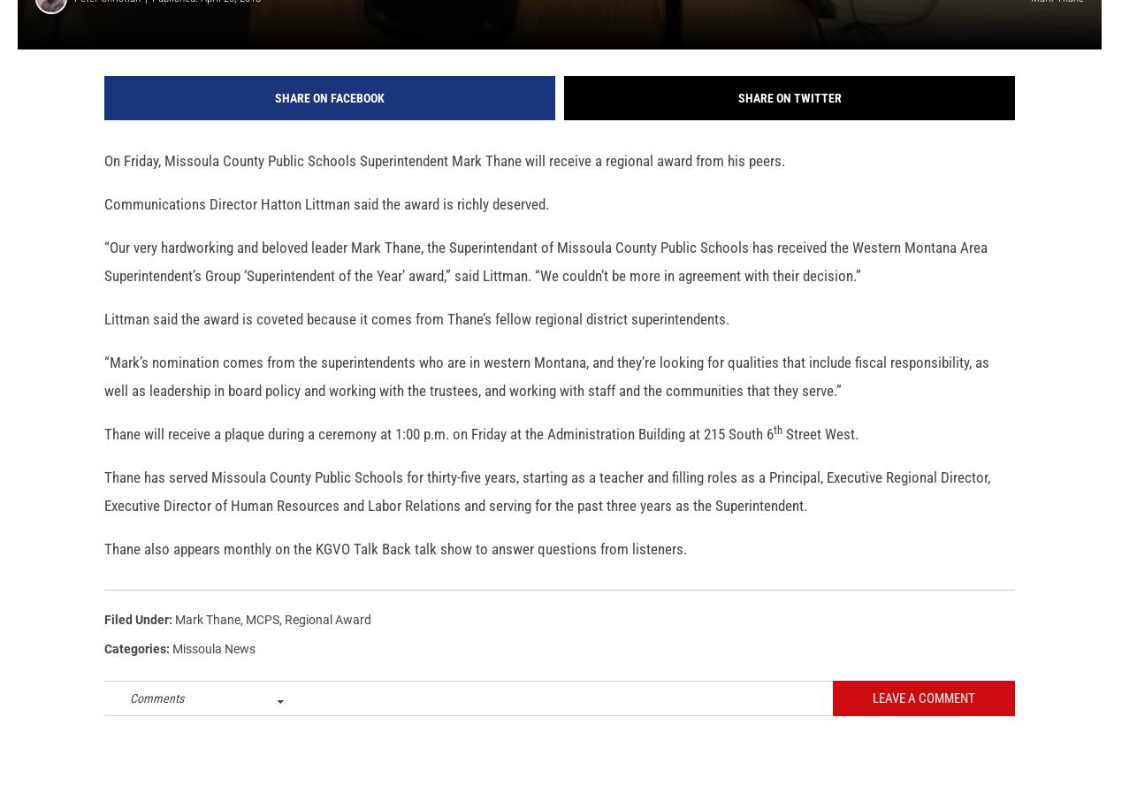 This screenshot has width=1137, height=801. I want to click on 'Leave A Comment', so click(923, 721).